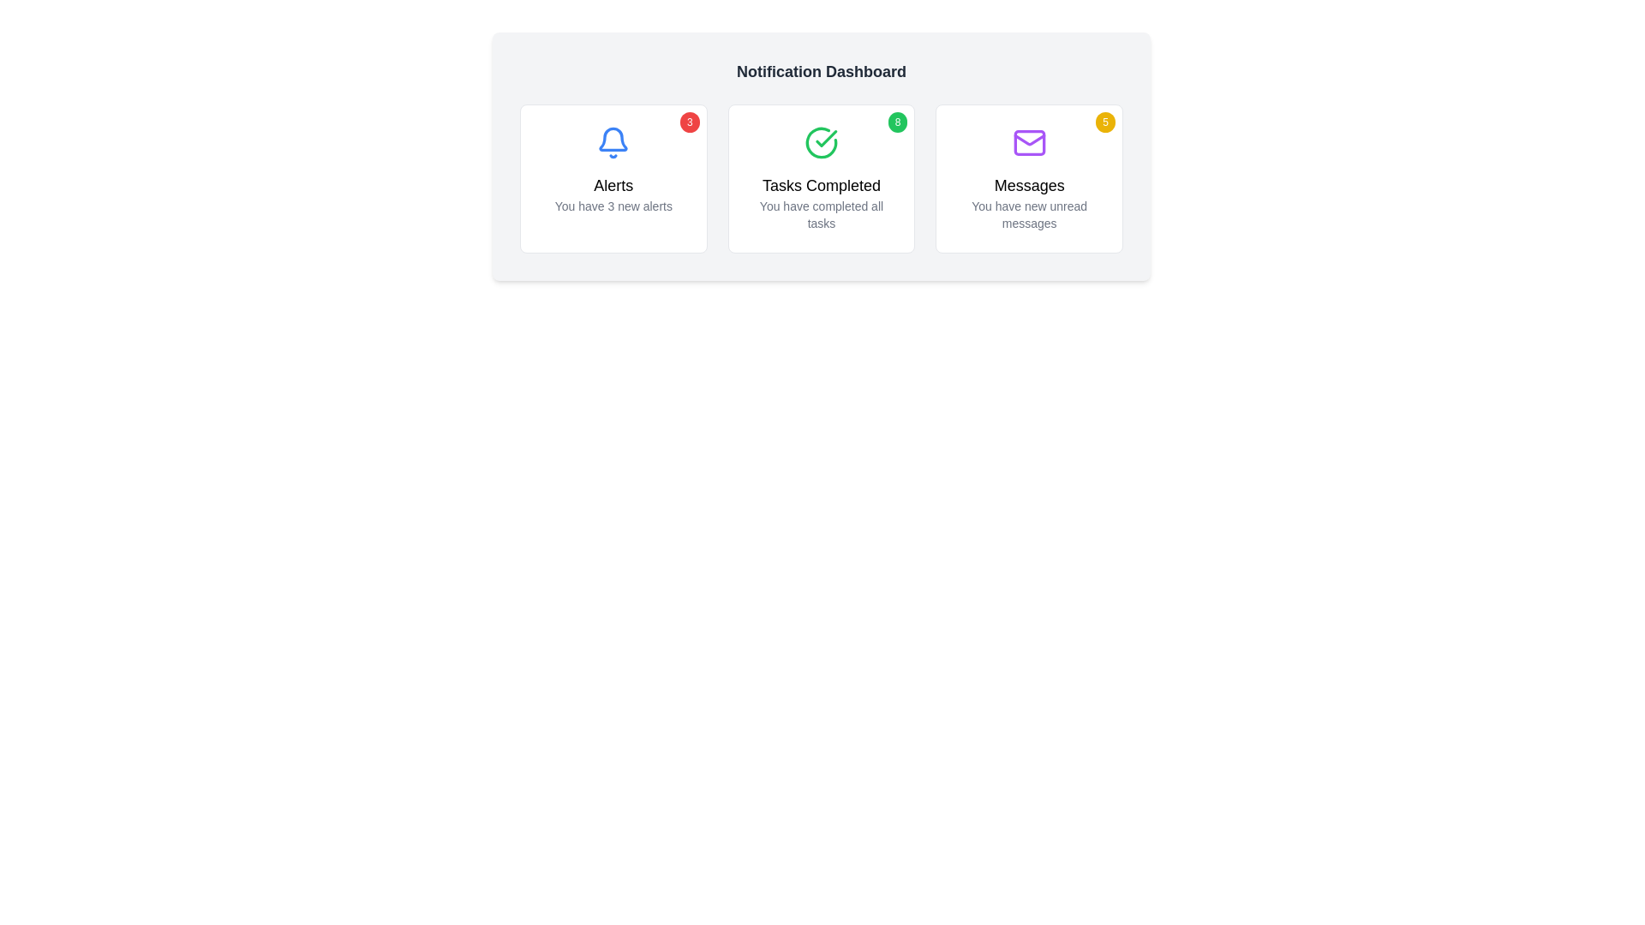  I want to click on text that indicates the number of new alerts available, located beneath the 'Alerts' title and icon in the leftmost notification card of the Notification Dashboard, so click(613, 205).